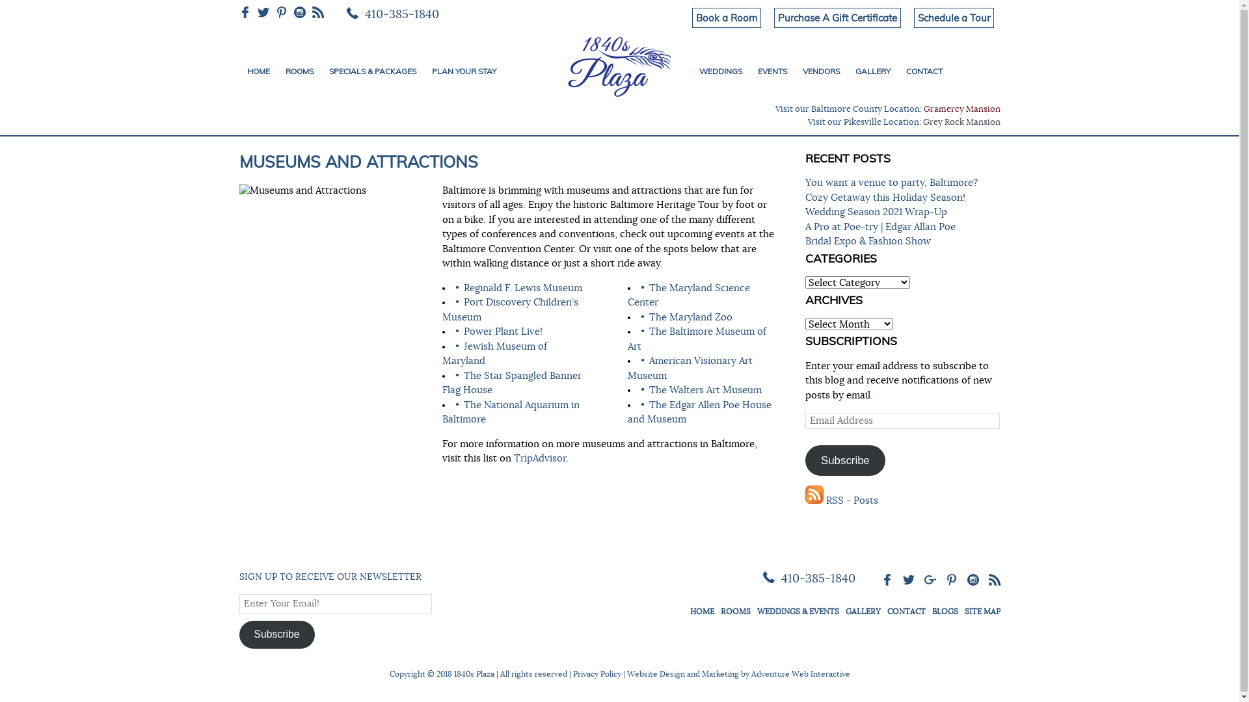  I want to click on 'HOME', so click(258, 71).